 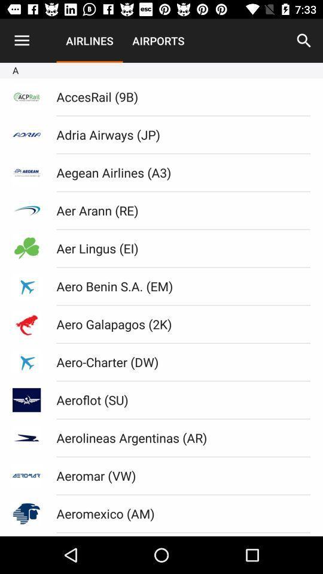 I want to click on first icon under the letter a, so click(x=26, y=96).